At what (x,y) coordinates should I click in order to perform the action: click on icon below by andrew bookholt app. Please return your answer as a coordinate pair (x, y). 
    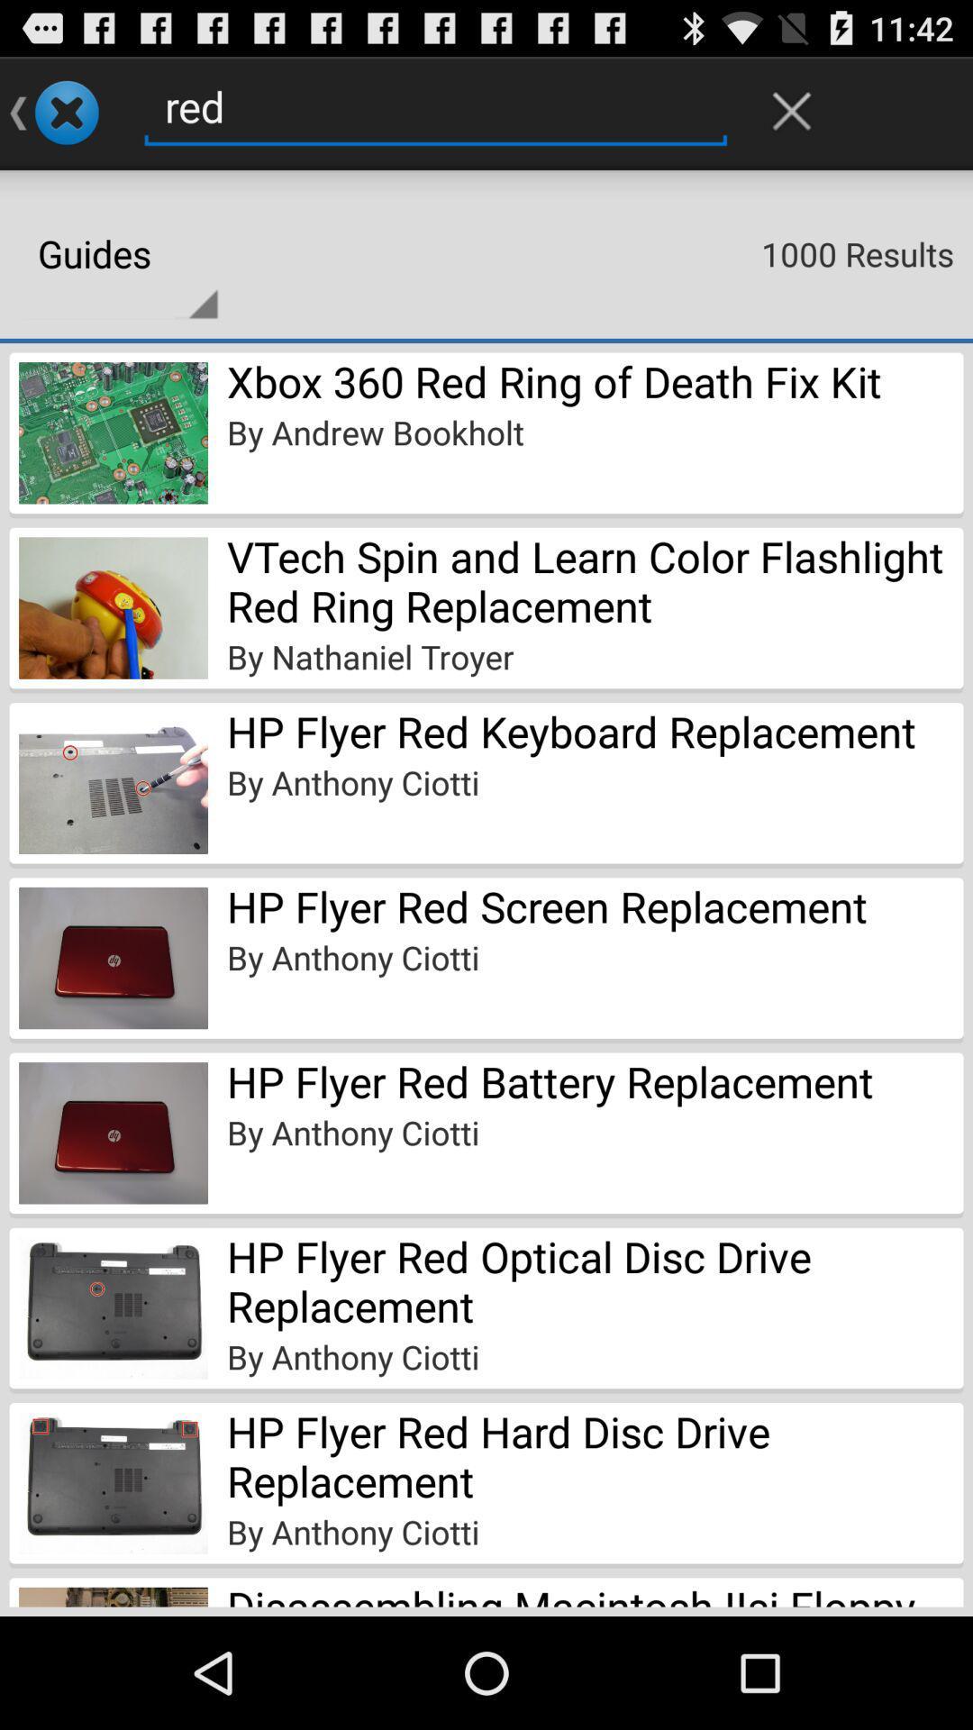
    Looking at the image, I should click on (595, 580).